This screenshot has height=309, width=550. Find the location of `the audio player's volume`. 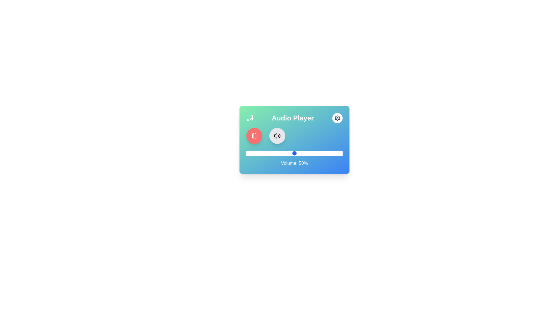

the audio player's volume is located at coordinates (295, 153).